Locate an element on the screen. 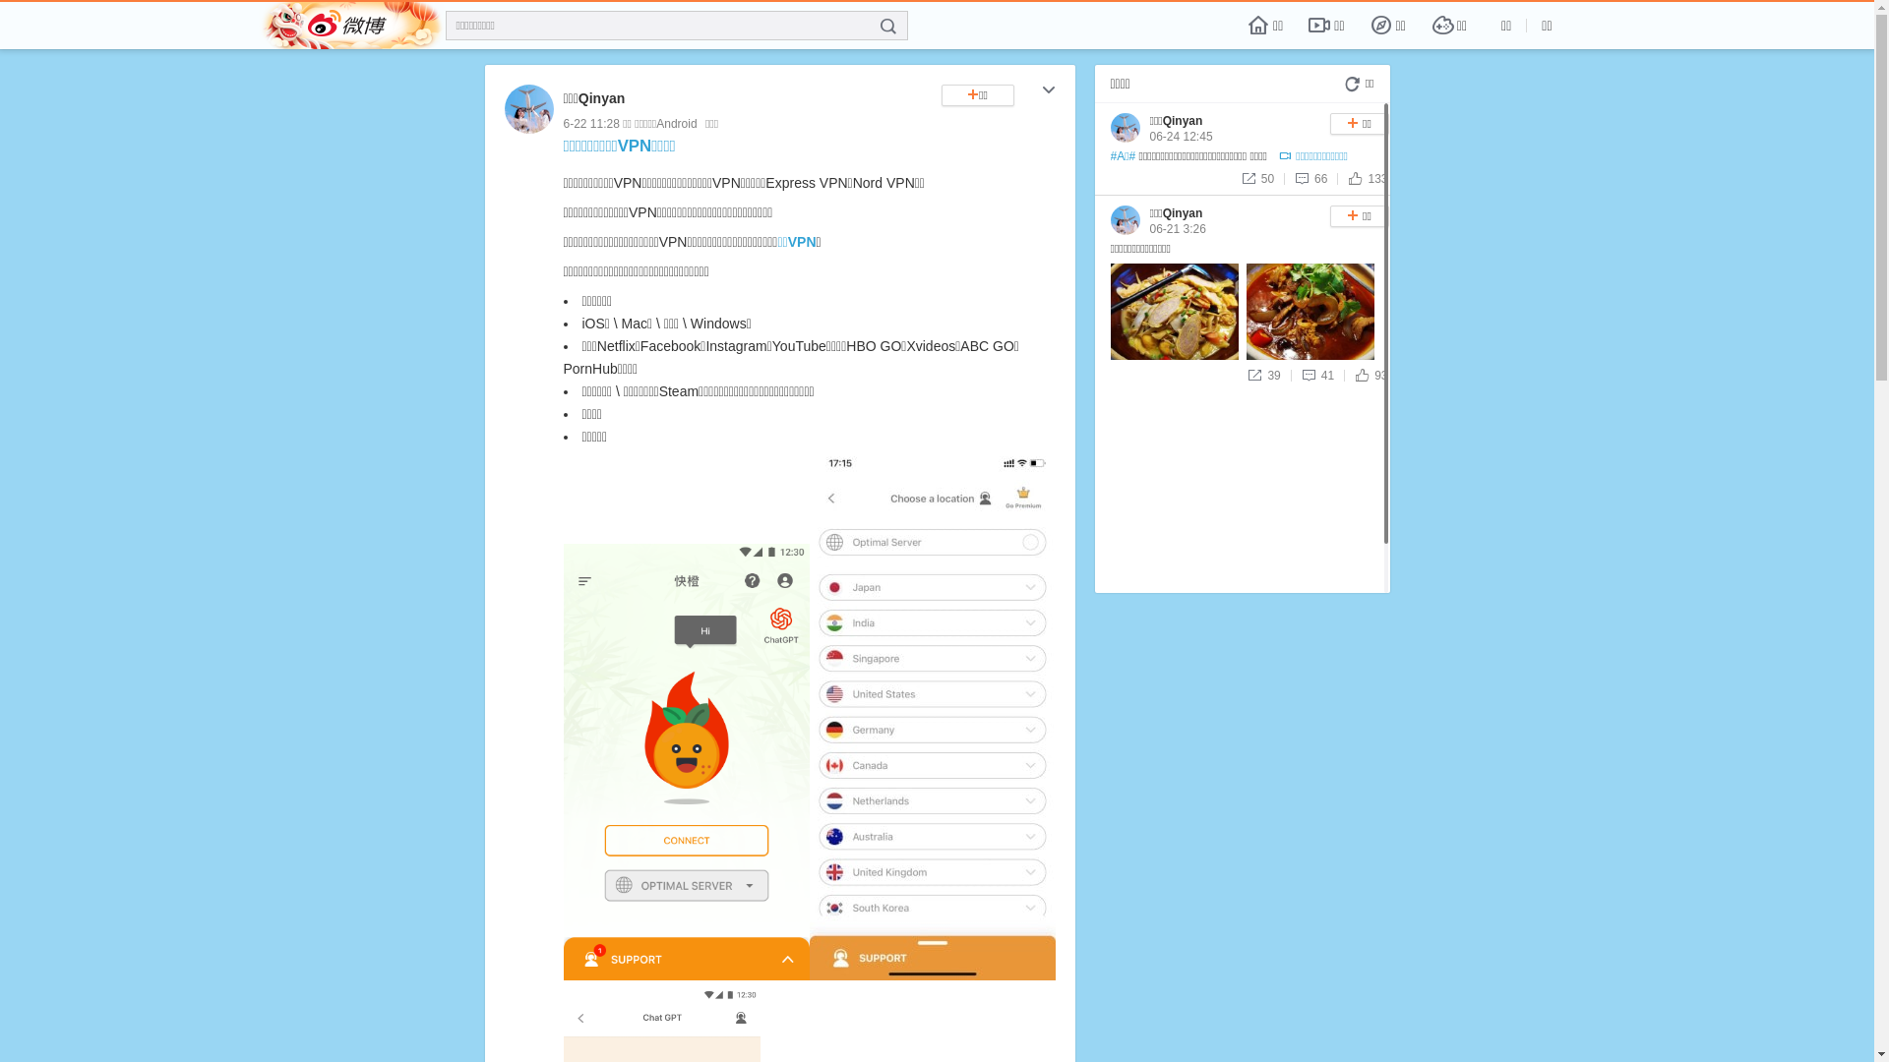 Image resolution: width=1889 pixels, height=1062 pixels. 'f' is located at coordinates (886, 27).